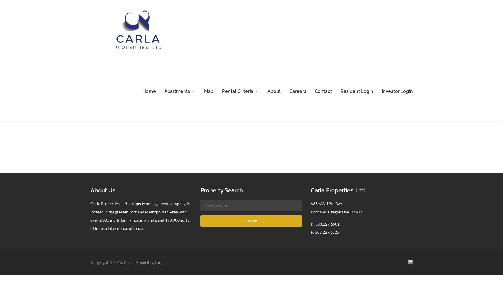 The image size is (503, 283). I want to click on 'F: 503.227.6525', so click(311, 232).